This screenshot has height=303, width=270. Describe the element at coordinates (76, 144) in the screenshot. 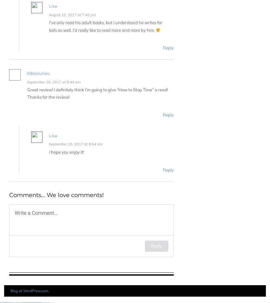

I see `'September 20, 2017 at 9:54 am'` at that location.